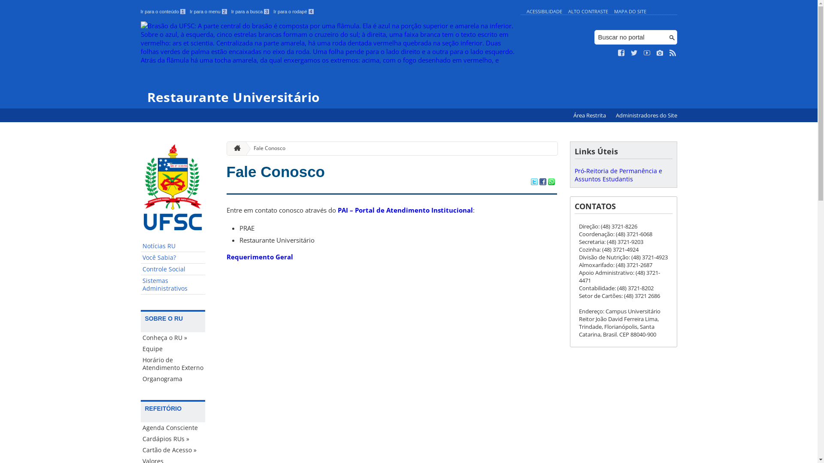 This screenshot has height=463, width=824. Describe the element at coordinates (189, 12) in the screenshot. I see `'Ir para o menu 2'` at that location.